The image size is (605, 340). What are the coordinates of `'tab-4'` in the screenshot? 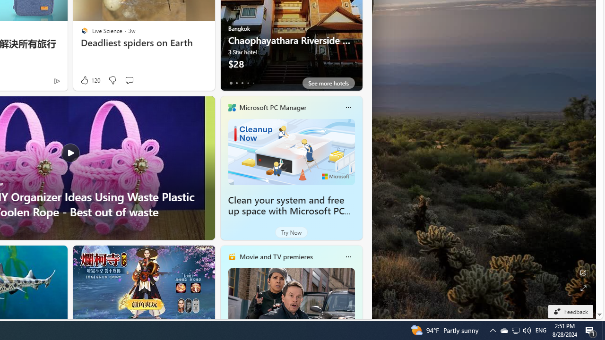 It's located at (253, 83).